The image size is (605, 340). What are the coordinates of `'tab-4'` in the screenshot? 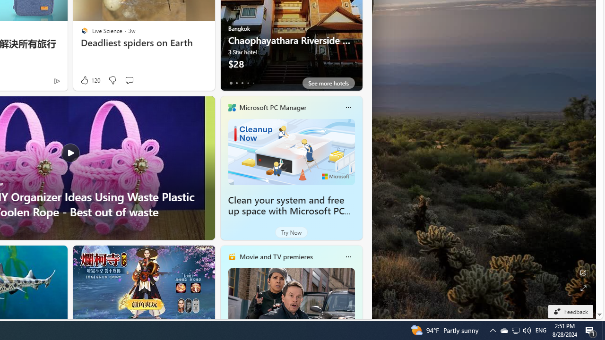 It's located at (253, 83).